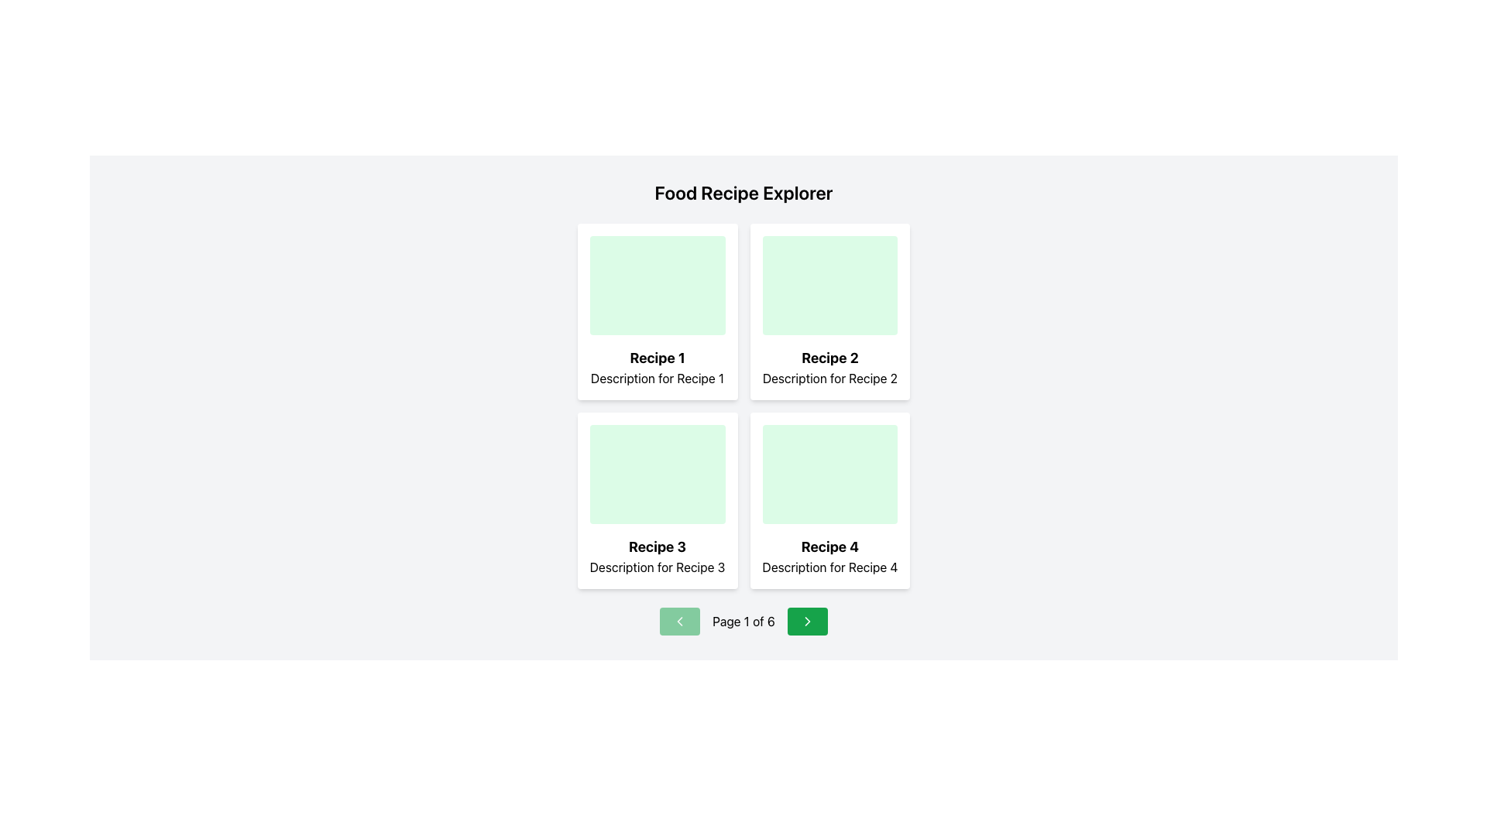  Describe the element at coordinates (658, 567) in the screenshot. I see `the text label displaying 'Description for Recipe 3' located beneath the title 'Recipe 3' in the bottom-left section of the recipe card layout` at that location.